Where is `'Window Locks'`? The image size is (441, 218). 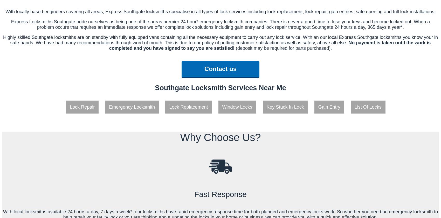
'Window Locks' is located at coordinates (237, 107).